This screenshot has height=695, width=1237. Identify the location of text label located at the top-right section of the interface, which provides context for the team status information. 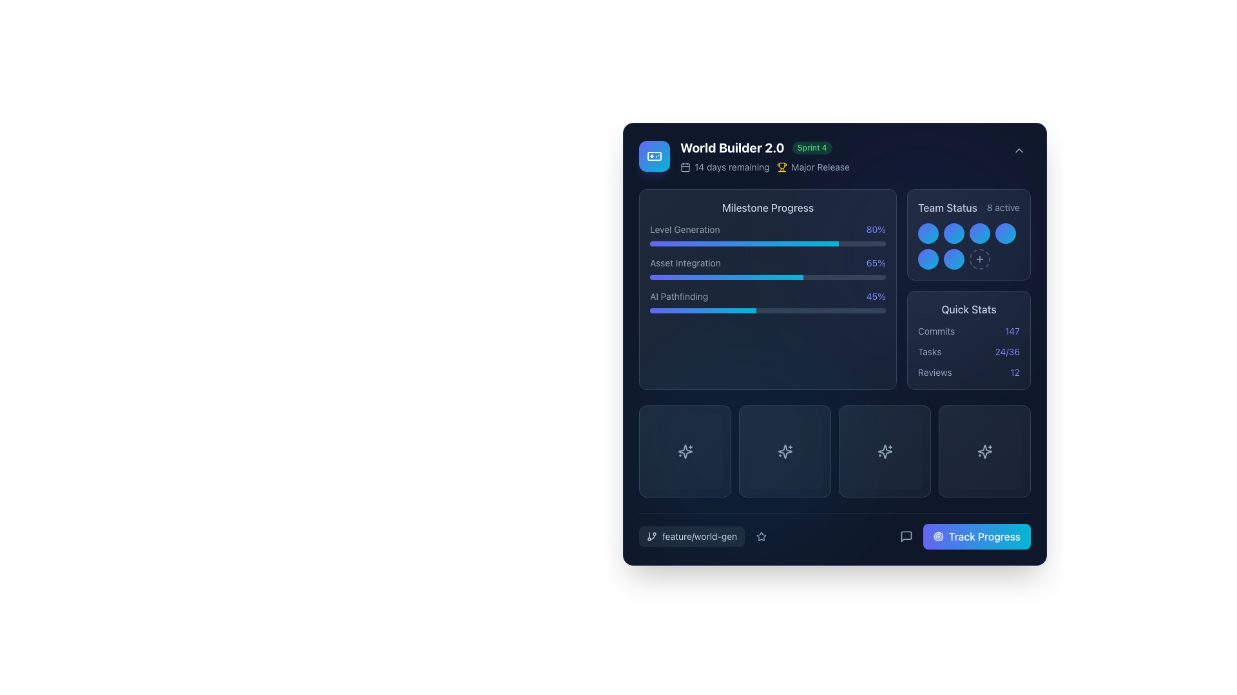
(948, 207).